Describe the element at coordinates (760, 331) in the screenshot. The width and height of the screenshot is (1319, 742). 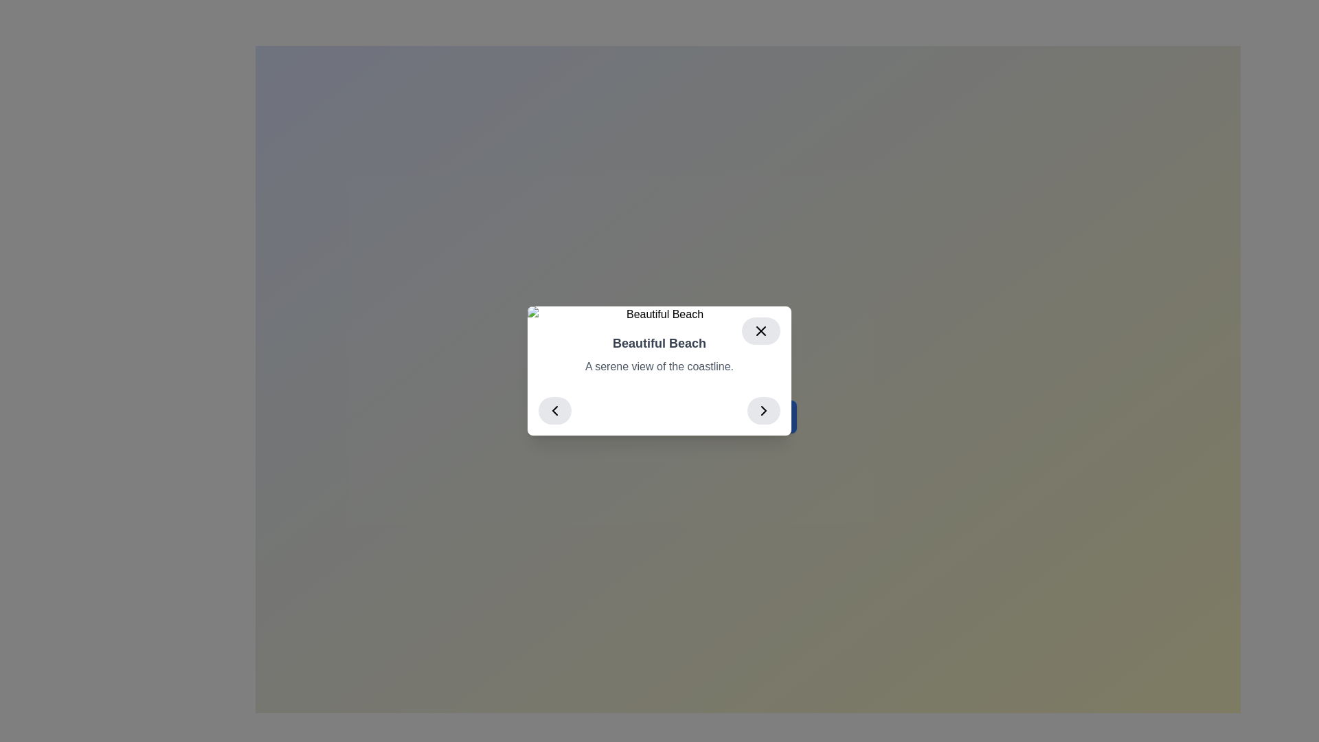
I see `the close button located at the top-right corner of the modal displaying 'Beautiful Beach'` at that location.